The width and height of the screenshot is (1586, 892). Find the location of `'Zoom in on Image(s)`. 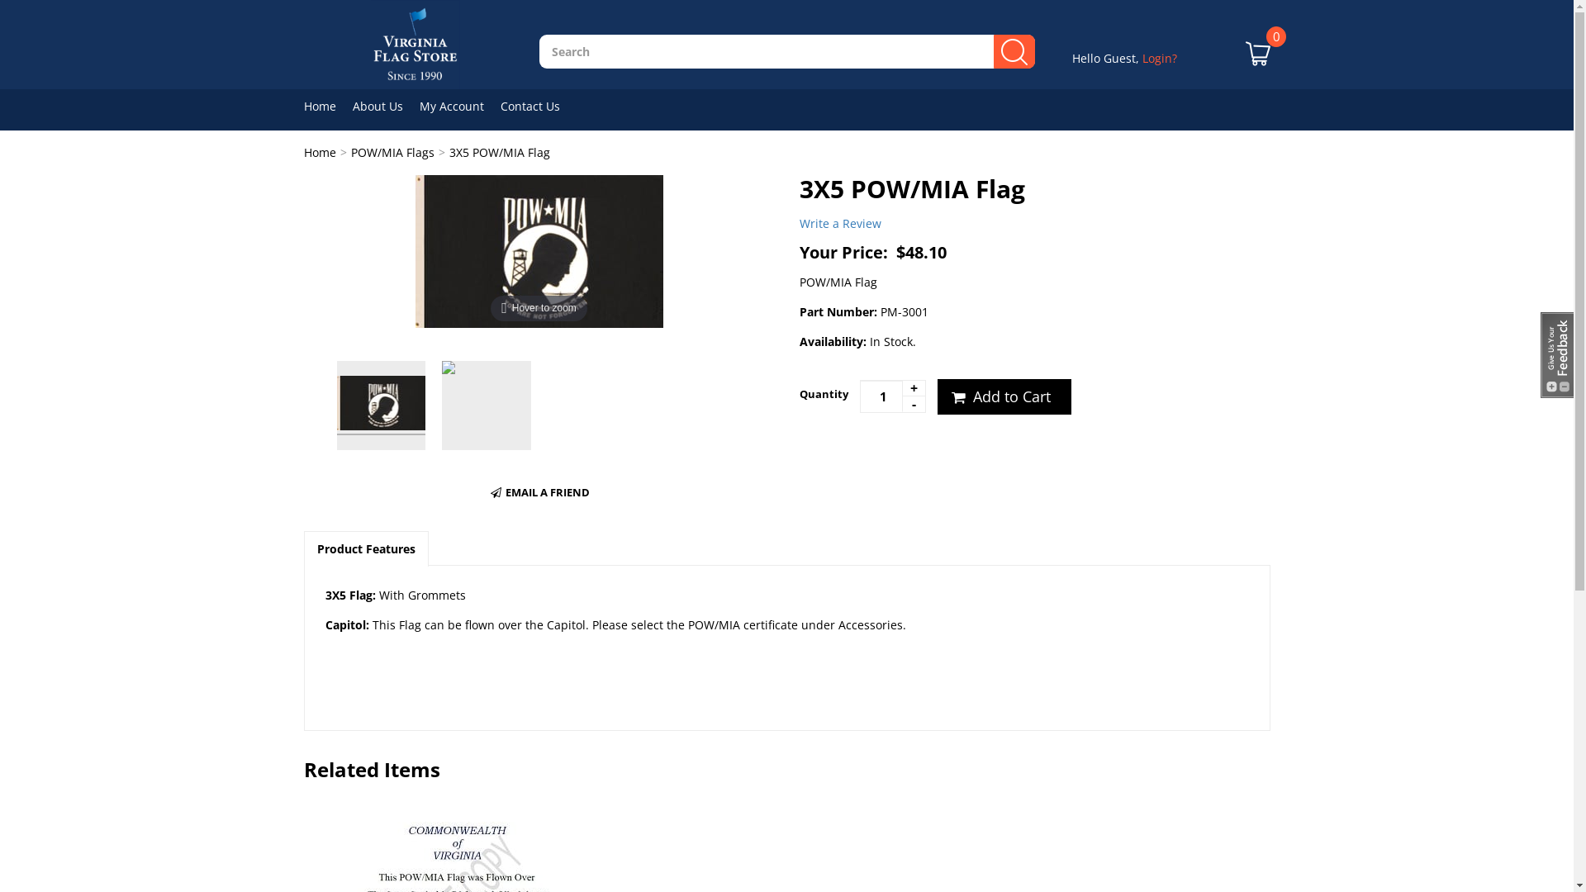

'Zoom in on Image(s) is located at coordinates (539, 249).